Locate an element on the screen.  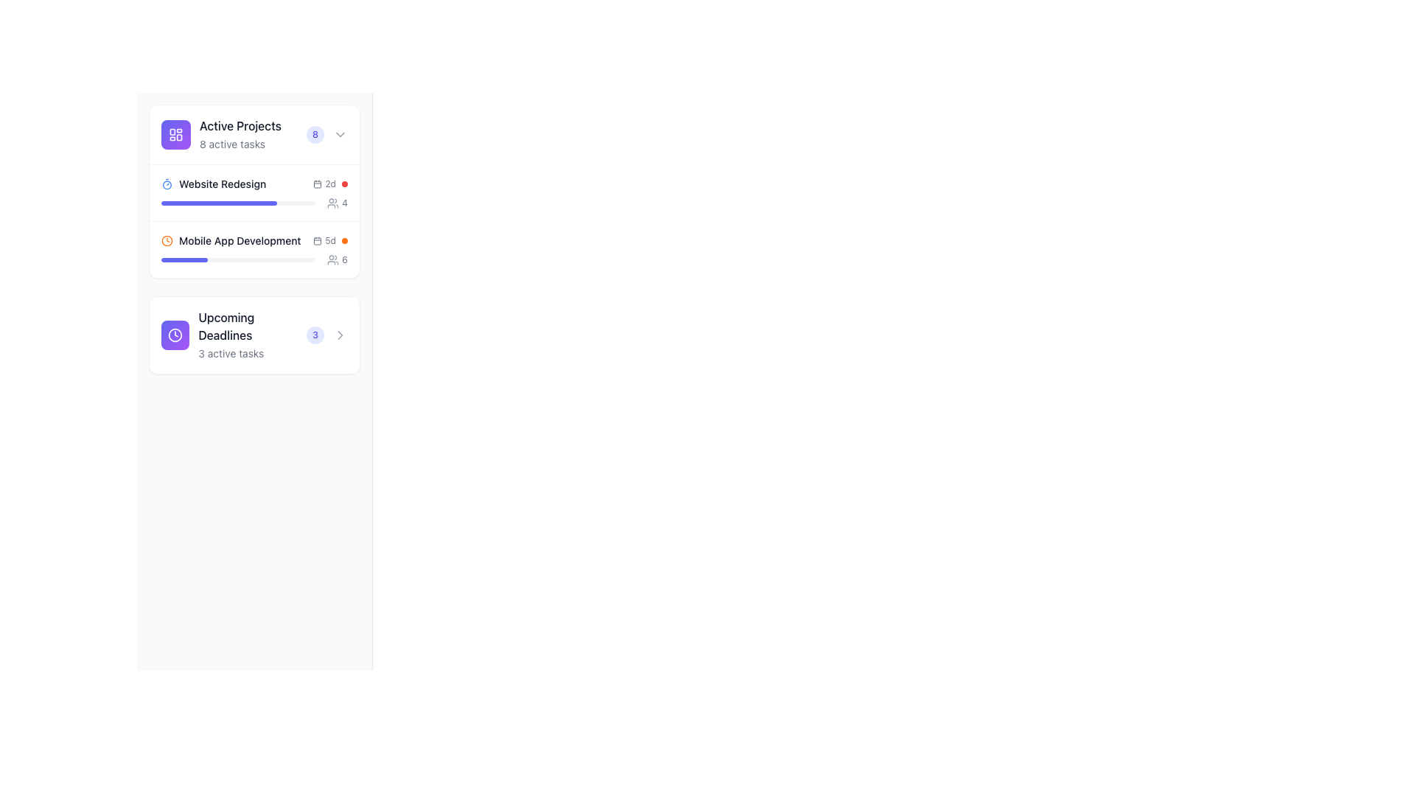
the chevron icon located in the 'Upcoming Deadlines' card, which is positioned to the right of the numerical badge displaying '3' is located at coordinates (339, 335).